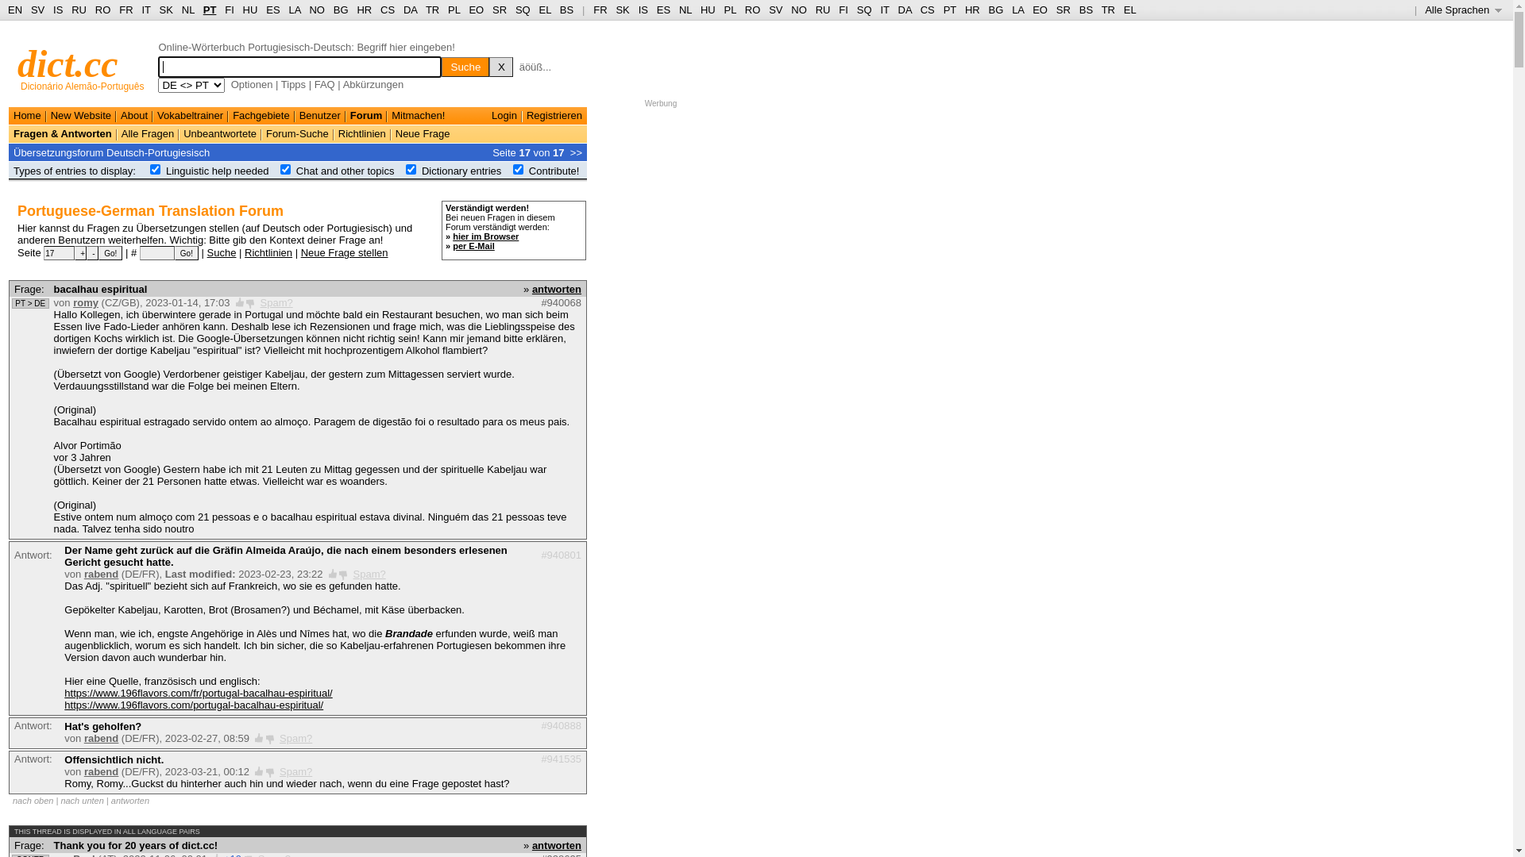  What do you see at coordinates (102, 10) in the screenshot?
I see `'RO'` at bounding box center [102, 10].